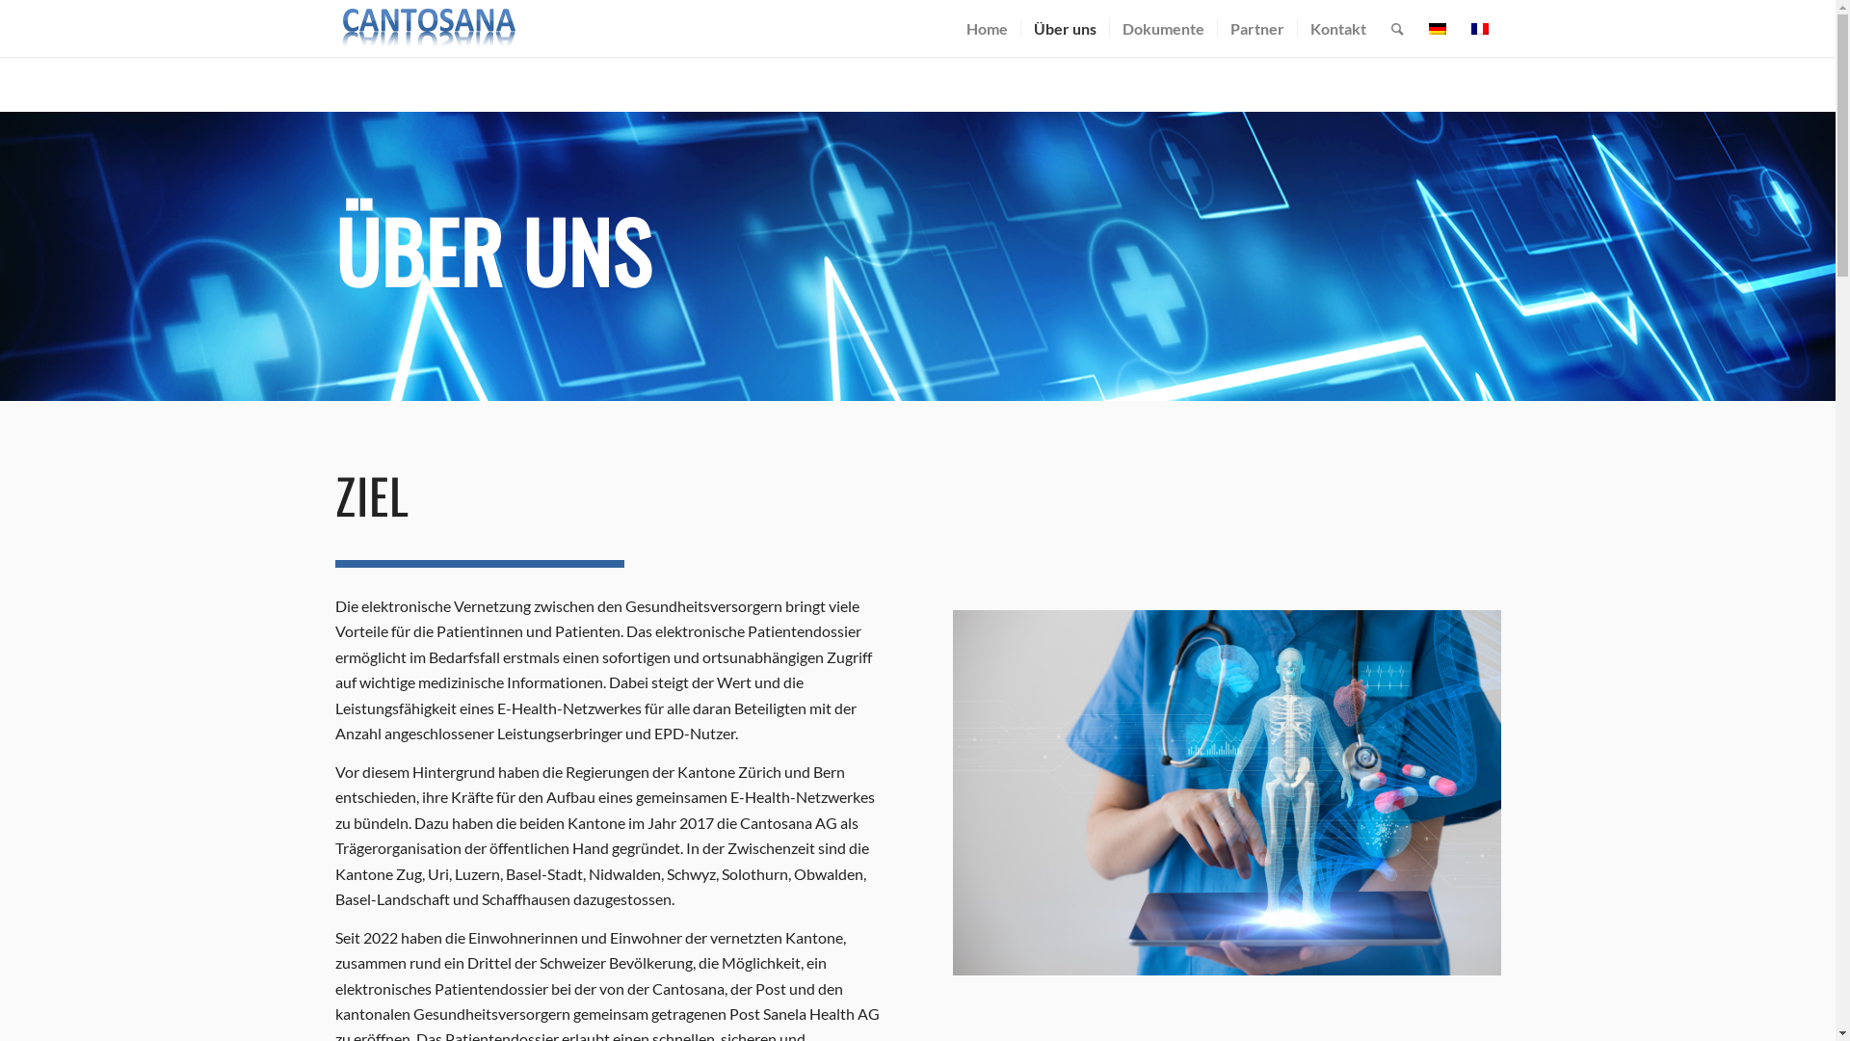  What do you see at coordinates (987, 28) in the screenshot?
I see `'Home'` at bounding box center [987, 28].